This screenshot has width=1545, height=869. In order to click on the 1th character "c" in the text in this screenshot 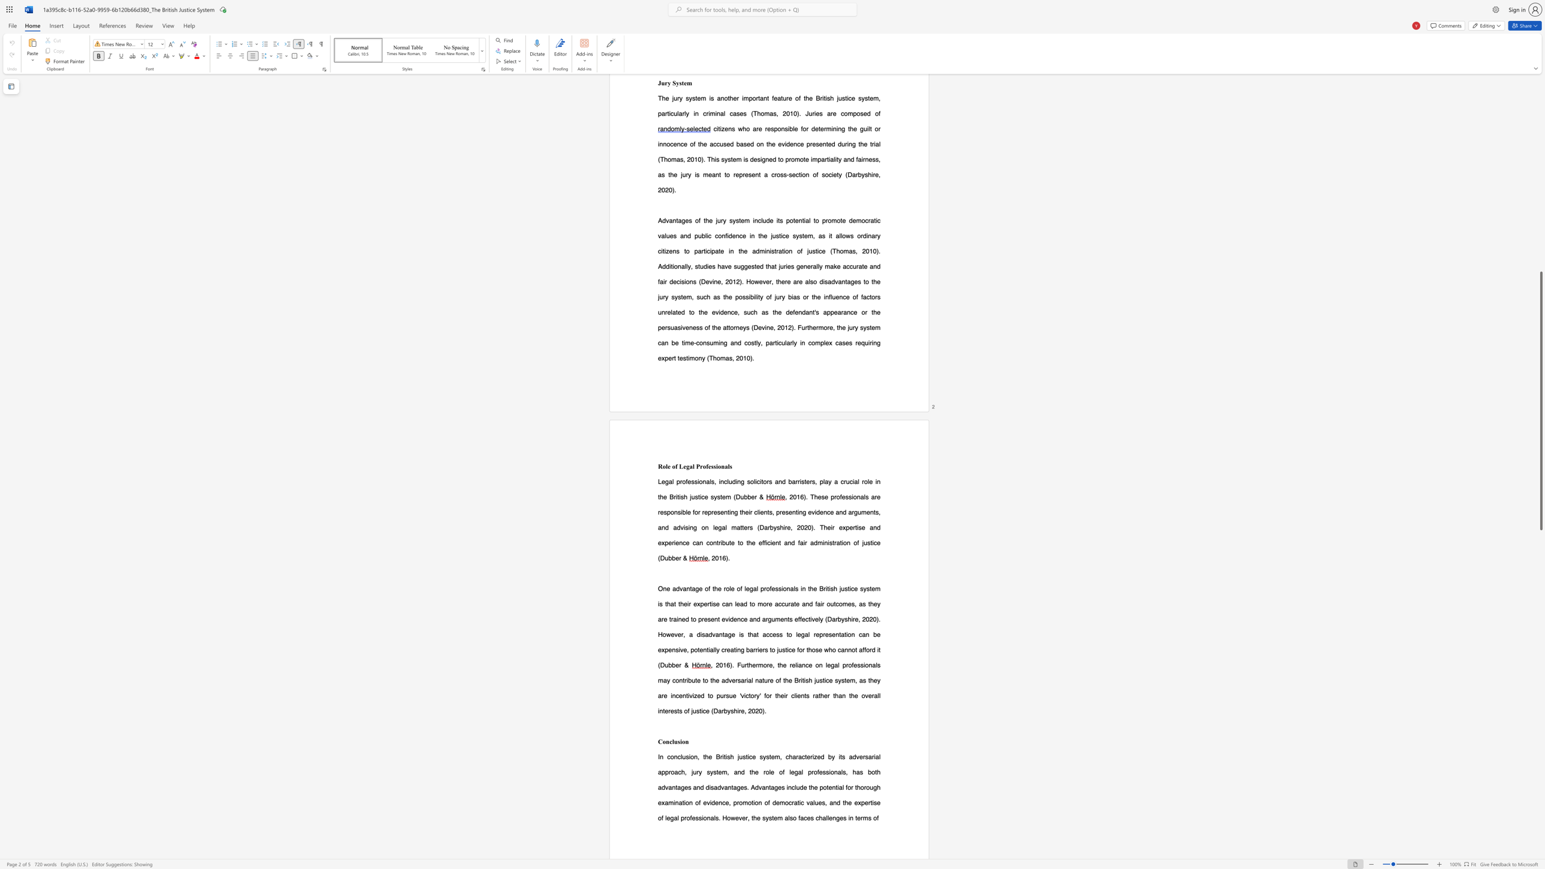, I will do `click(755, 512)`.